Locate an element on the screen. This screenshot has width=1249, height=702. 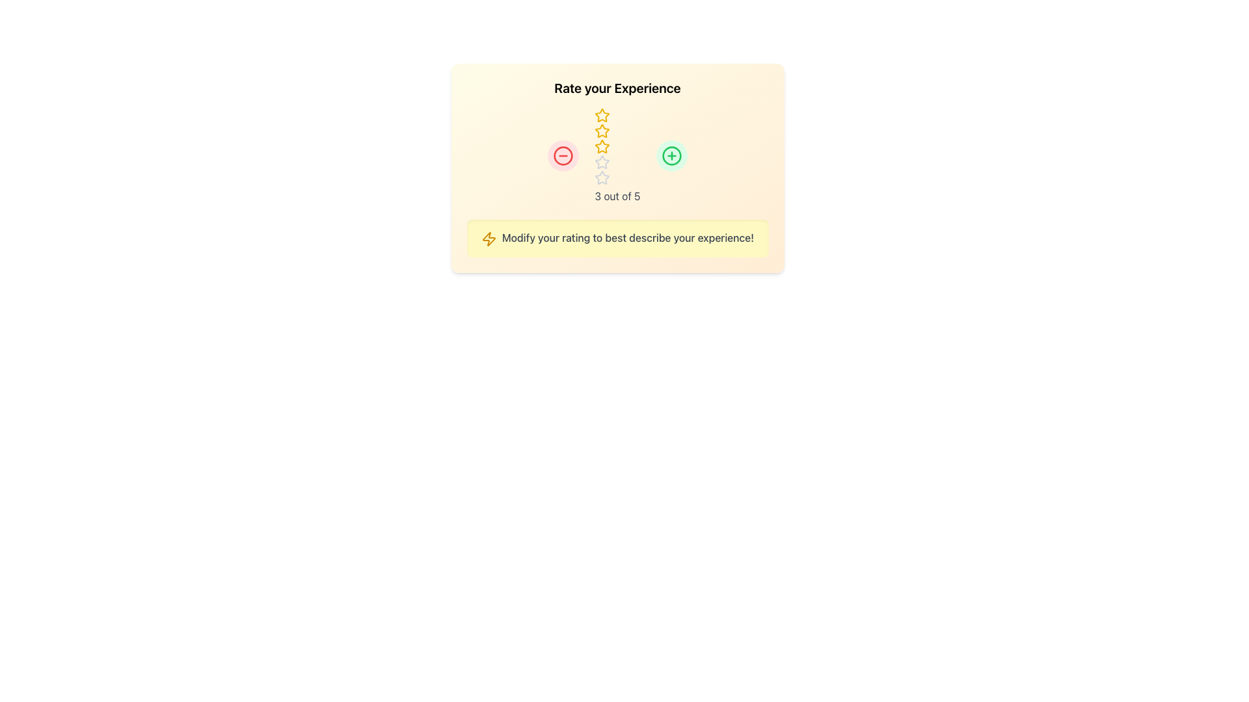
the rounded red button located in the middle section of the rating interface is located at coordinates (563, 155).